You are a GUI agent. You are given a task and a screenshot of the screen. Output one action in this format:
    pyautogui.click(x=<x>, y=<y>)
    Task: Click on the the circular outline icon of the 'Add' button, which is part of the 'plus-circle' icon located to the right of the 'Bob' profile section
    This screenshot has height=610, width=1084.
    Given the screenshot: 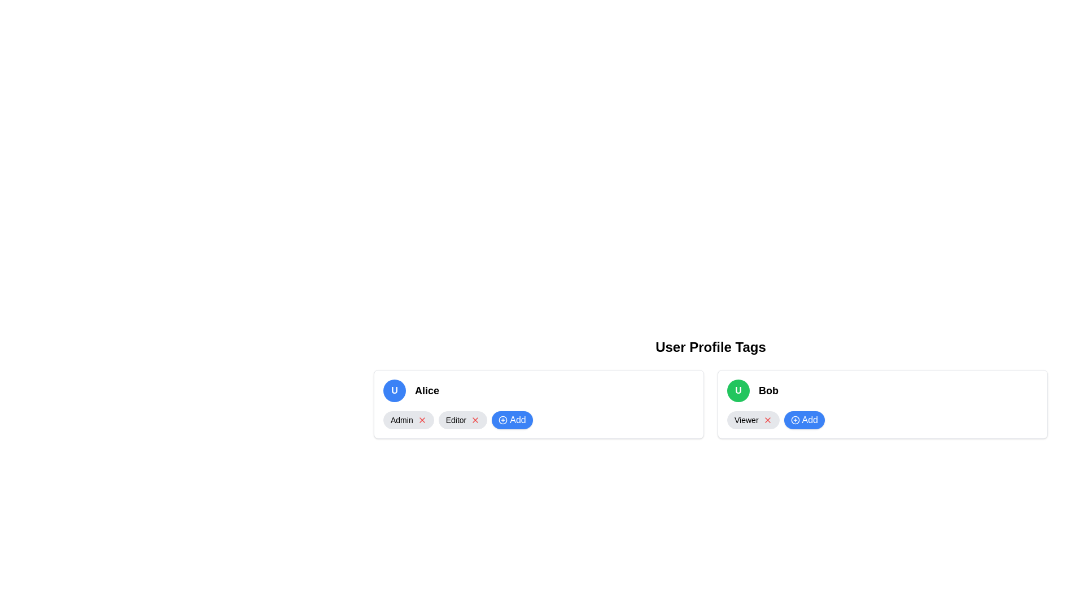 What is the action you would take?
    pyautogui.click(x=794, y=420)
    